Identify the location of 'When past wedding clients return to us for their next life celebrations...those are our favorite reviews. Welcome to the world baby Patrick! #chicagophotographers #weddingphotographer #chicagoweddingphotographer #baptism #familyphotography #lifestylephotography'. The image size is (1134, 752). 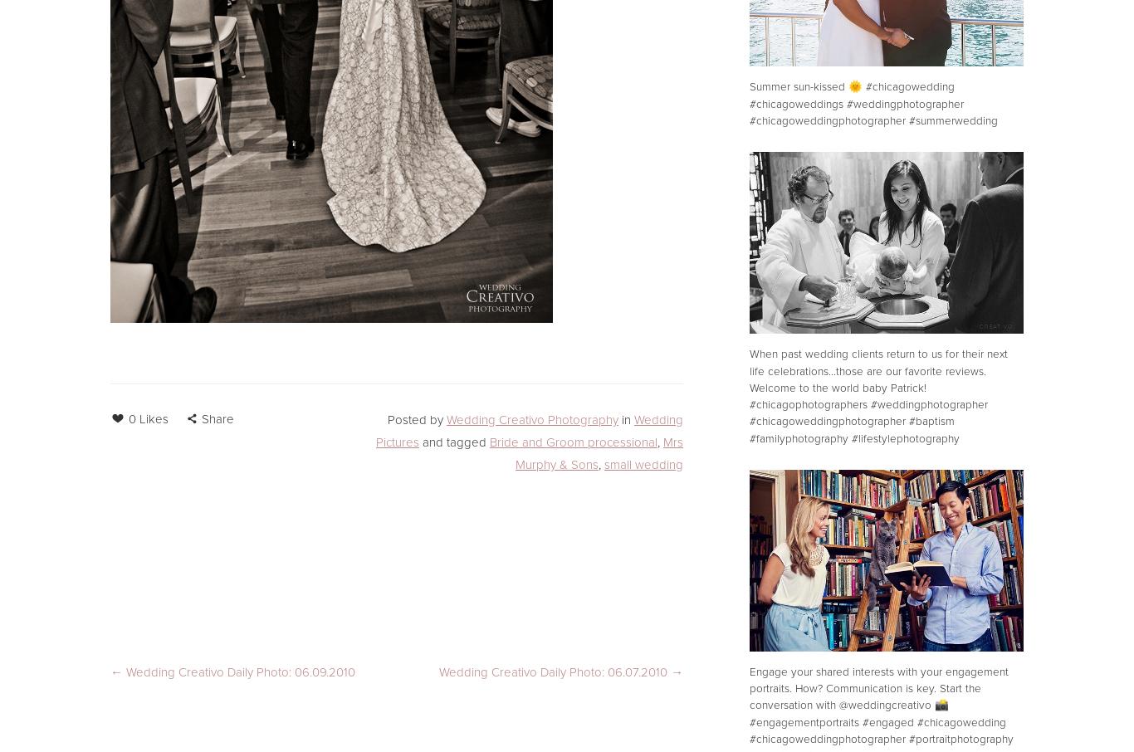
(877, 394).